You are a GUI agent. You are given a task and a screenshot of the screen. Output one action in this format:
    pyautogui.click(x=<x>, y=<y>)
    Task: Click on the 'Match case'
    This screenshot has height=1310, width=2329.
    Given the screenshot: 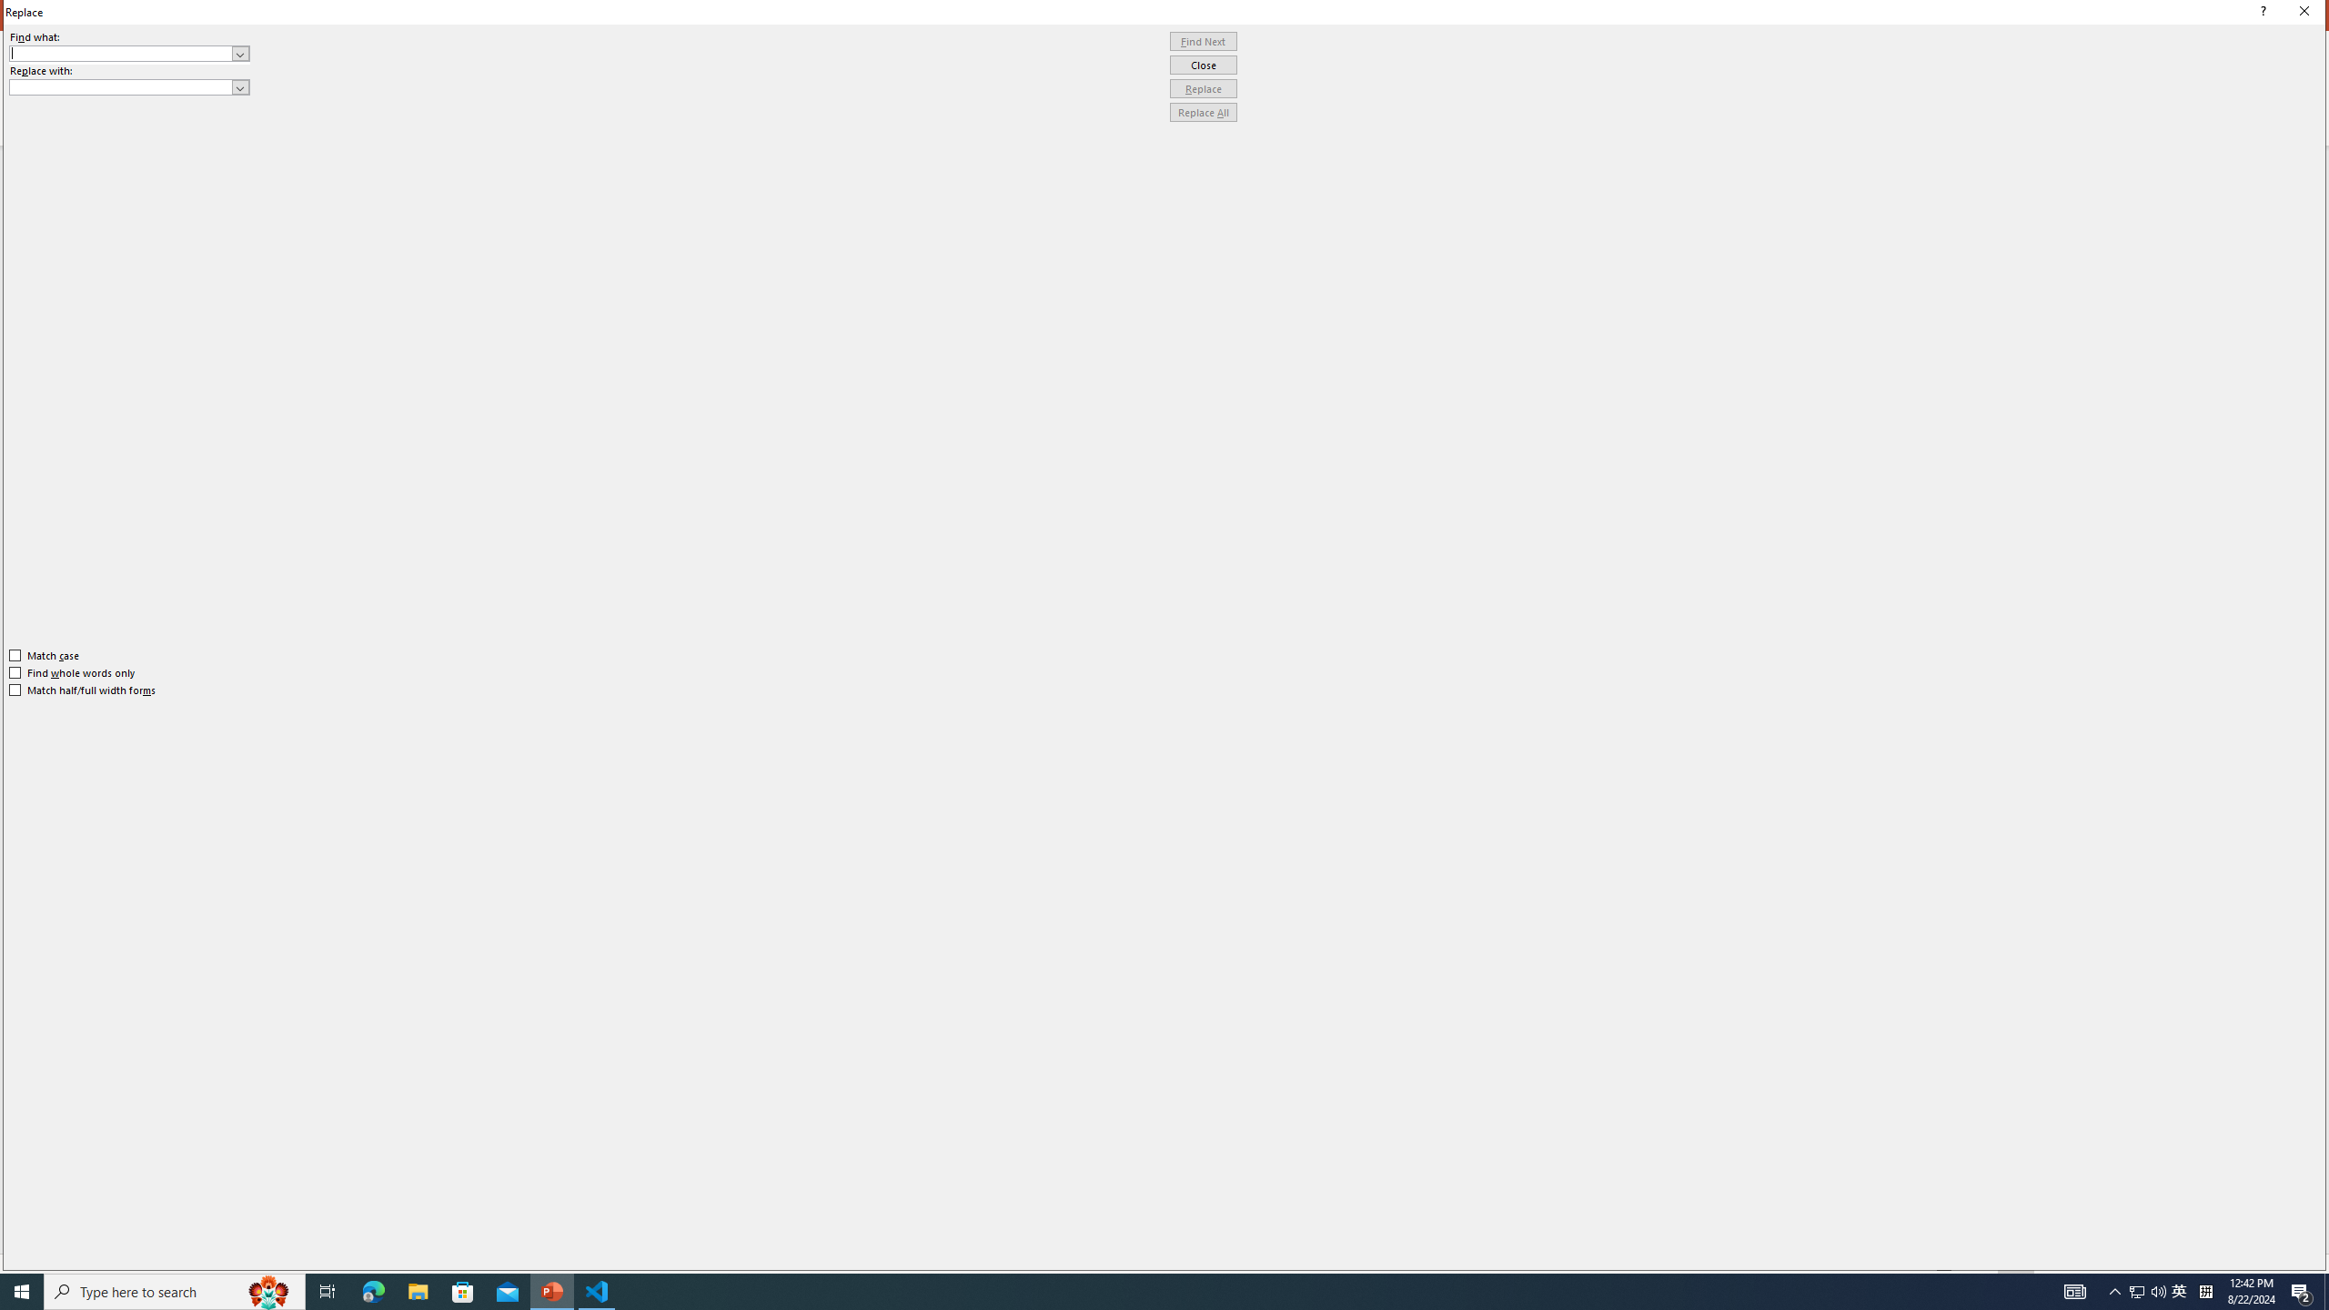 What is the action you would take?
    pyautogui.click(x=44, y=655)
    